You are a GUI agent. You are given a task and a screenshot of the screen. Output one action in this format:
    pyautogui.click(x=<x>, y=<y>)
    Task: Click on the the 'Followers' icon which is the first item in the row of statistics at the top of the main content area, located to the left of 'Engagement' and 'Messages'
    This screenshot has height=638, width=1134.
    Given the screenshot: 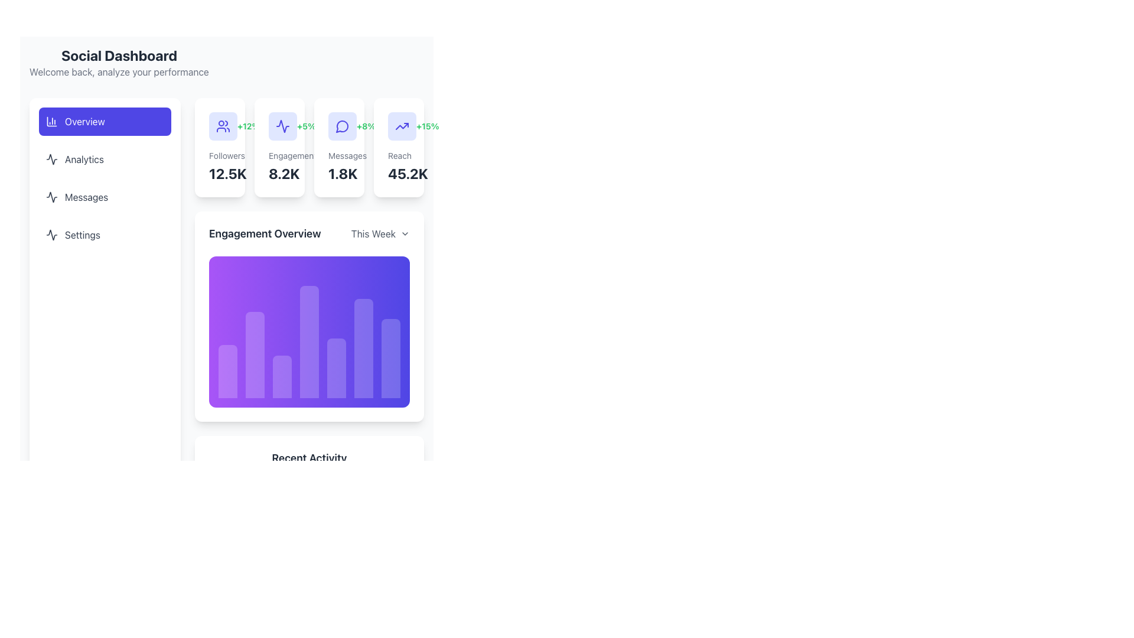 What is the action you would take?
    pyautogui.click(x=220, y=126)
    